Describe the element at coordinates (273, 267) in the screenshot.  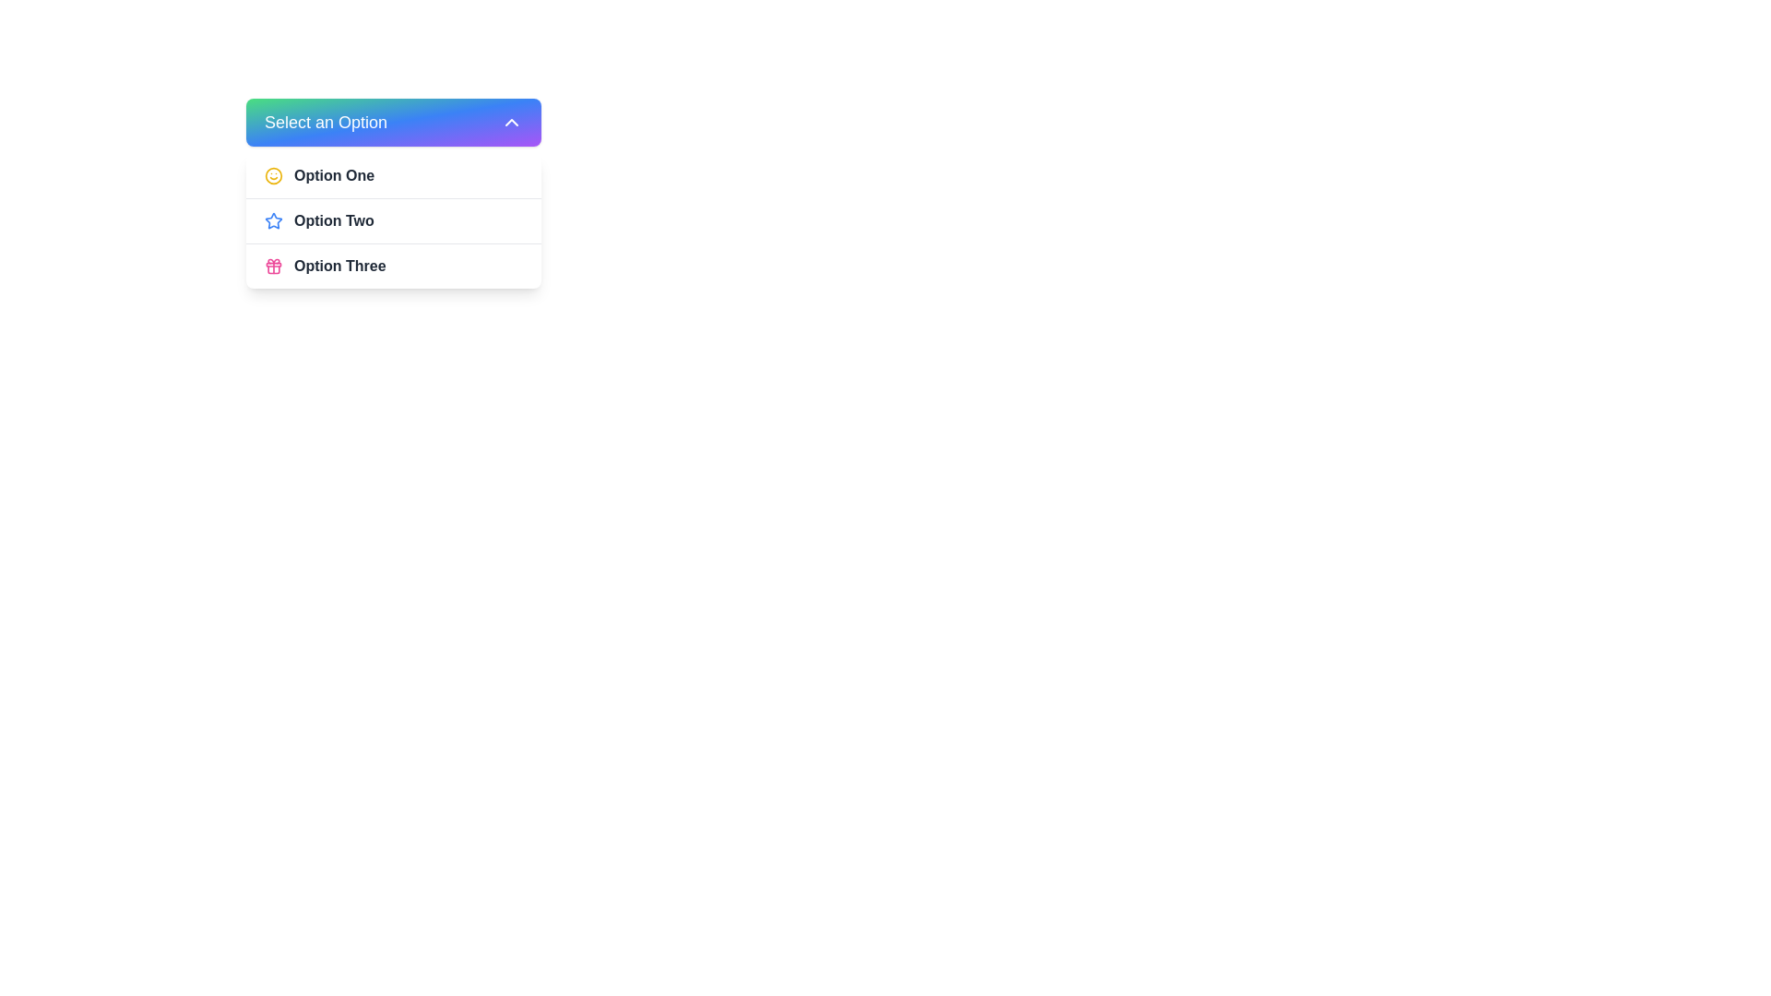
I see `the icon representing 'Option Three' in the dropdown menu, which is located in the bottom-most entry of the list, preceding the text label 'Option Three'` at that location.